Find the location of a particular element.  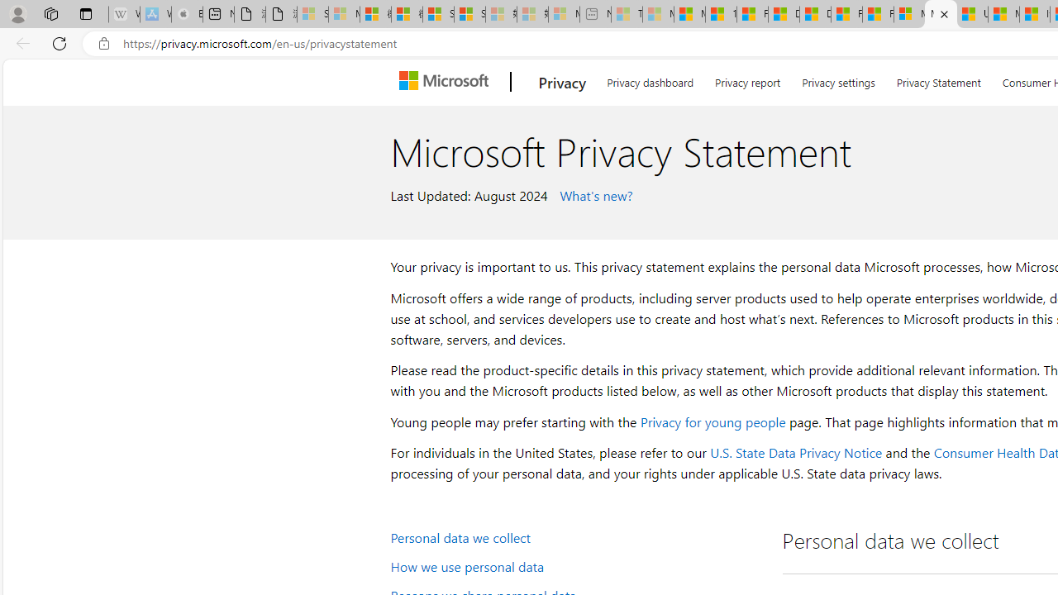

'Privacy report' is located at coordinates (746, 79).